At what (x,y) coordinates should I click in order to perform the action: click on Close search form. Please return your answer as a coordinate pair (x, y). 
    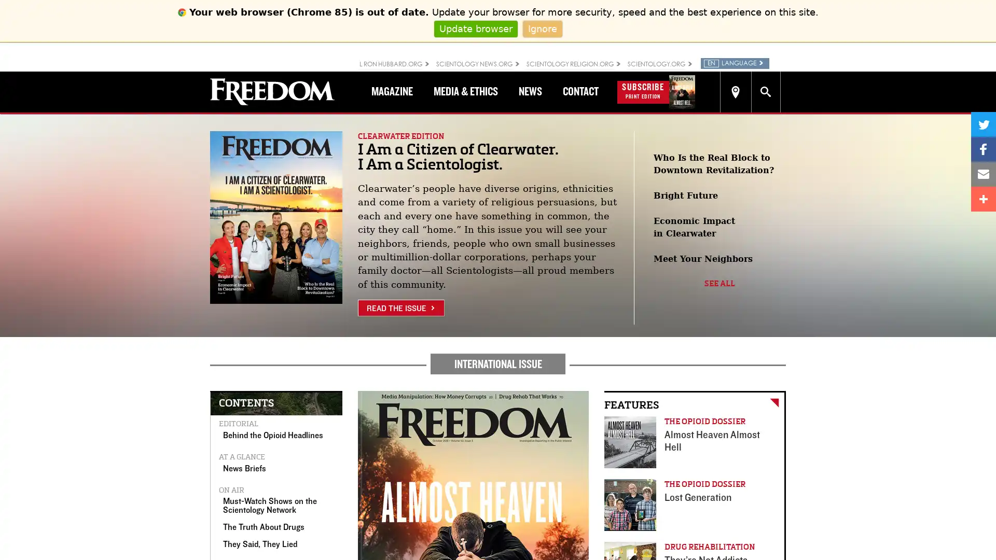
    Looking at the image, I should click on (898, 27).